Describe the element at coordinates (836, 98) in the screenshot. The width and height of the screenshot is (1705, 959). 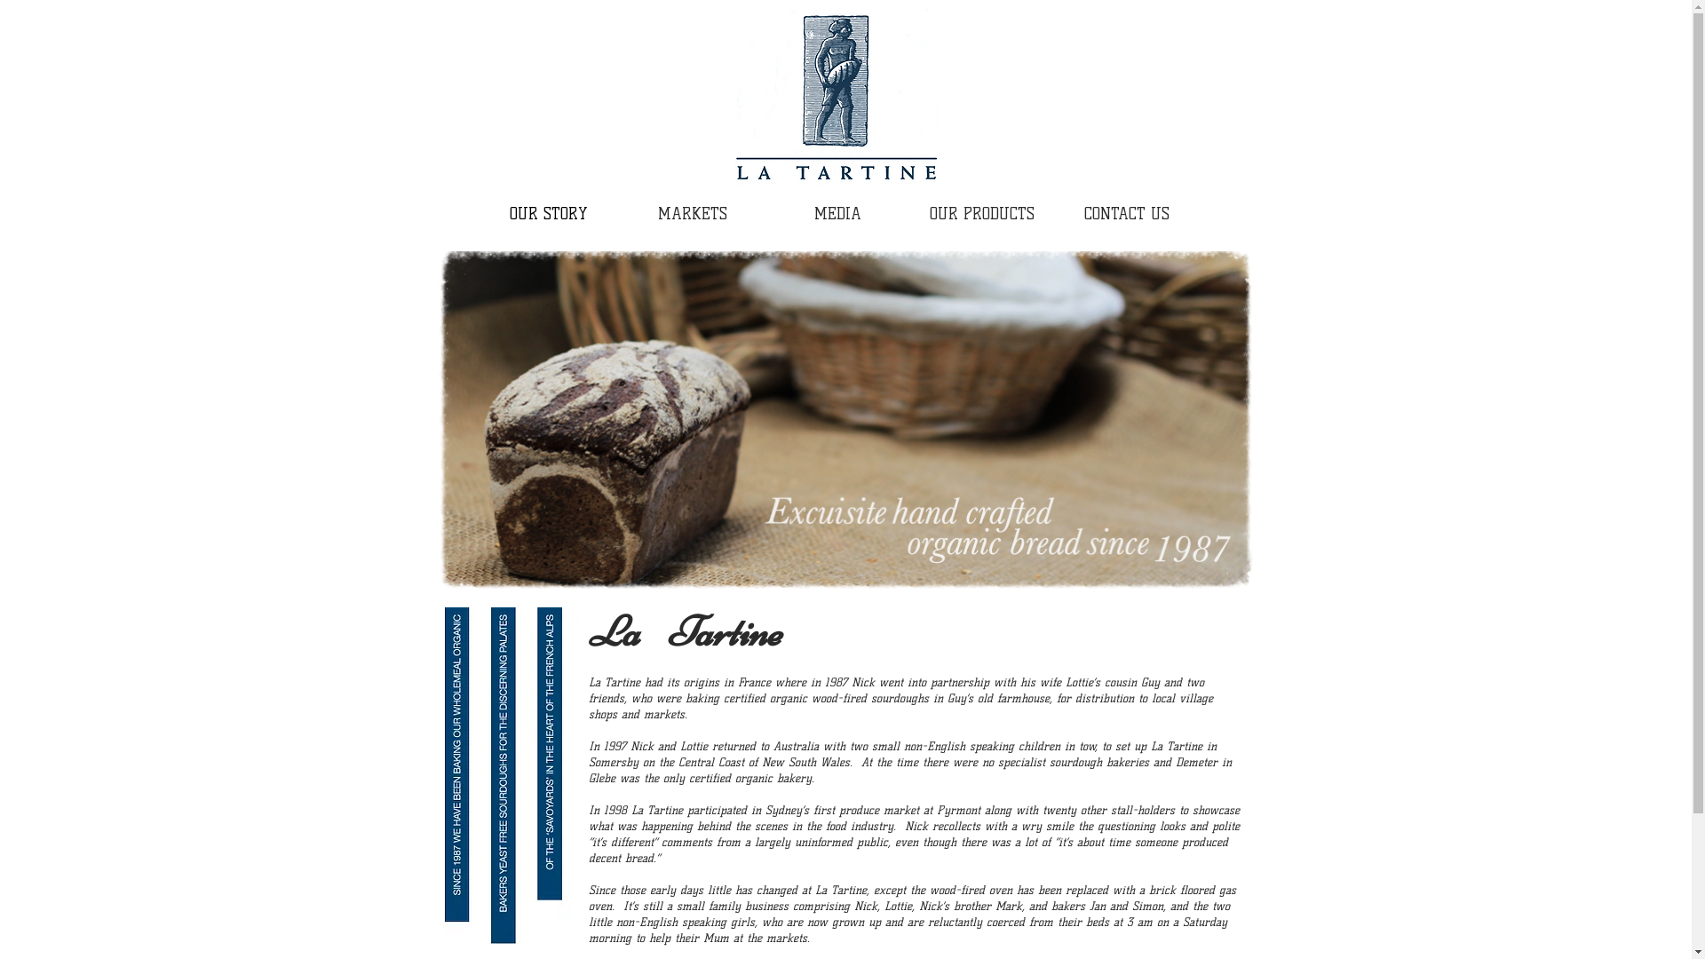
I see `'logo refait.png'` at that location.